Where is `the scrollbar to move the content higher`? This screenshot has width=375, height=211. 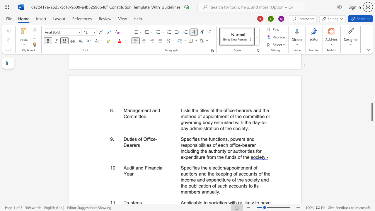
the scrollbar to move the content higher is located at coordinates (372, 99).